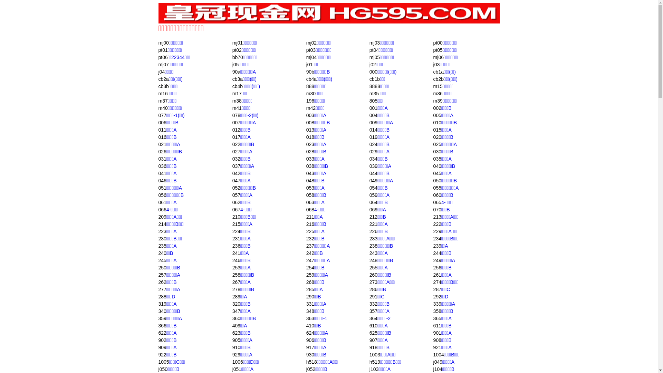 The height and width of the screenshot is (373, 663). Describe the element at coordinates (162, 282) in the screenshot. I see `'262'` at that location.